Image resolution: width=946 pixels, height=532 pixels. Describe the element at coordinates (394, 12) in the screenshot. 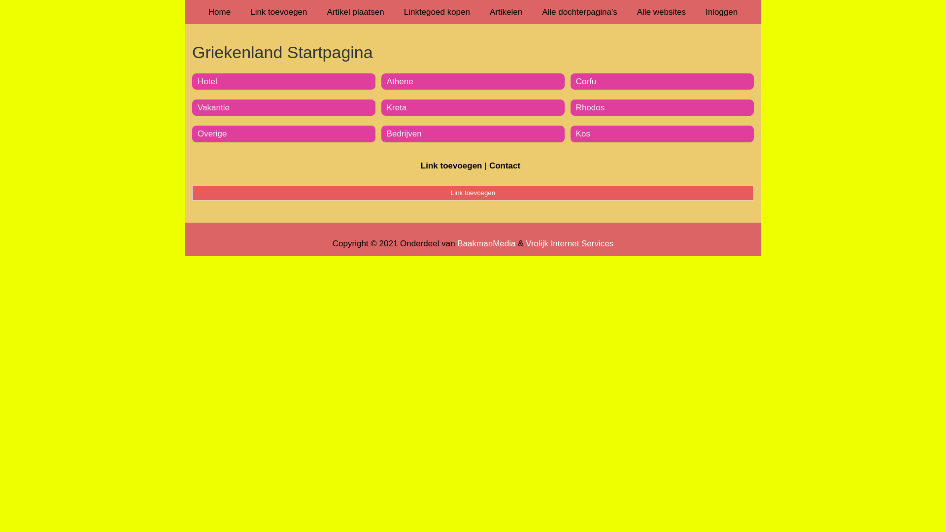

I see `'Linktegoed kopen'` at that location.